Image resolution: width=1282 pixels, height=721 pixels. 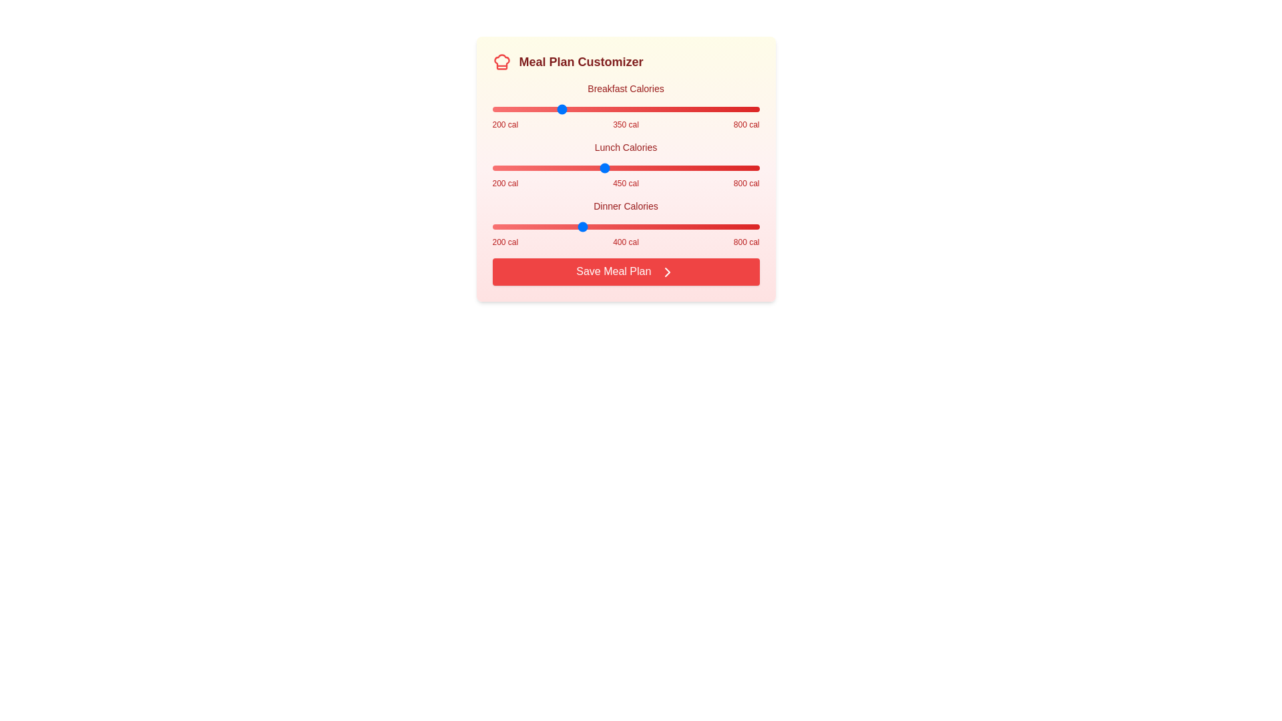 What do you see at coordinates (556, 109) in the screenshot?
I see `the Breakfast Calories slider to 343 calories` at bounding box center [556, 109].